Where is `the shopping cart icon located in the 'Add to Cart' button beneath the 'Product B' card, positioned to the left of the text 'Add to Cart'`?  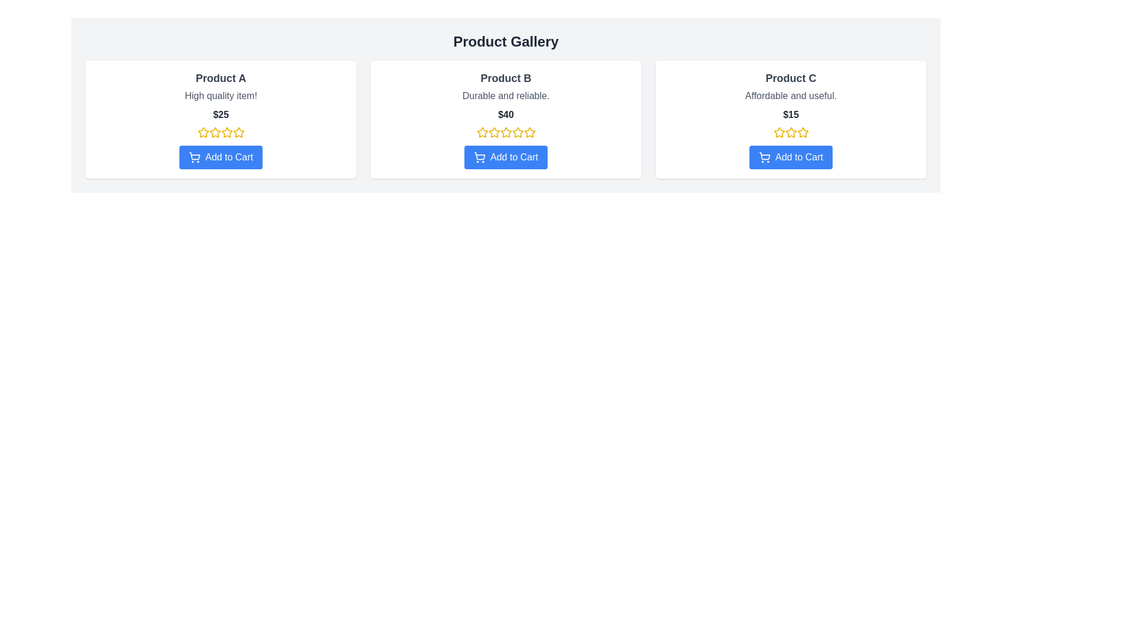 the shopping cart icon located in the 'Add to Cart' button beneath the 'Product B' card, positioned to the left of the text 'Add to Cart' is located at coordinates (479, 156).